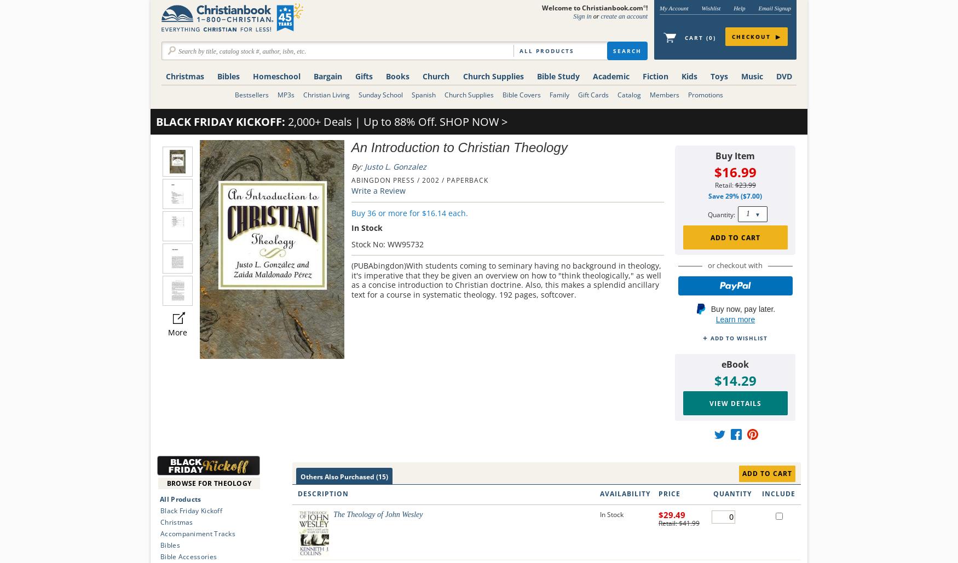 This screenshot has height=563, width=958. What do you see at coordinates (592, 76) in the screenshot?
I see `'Academic'` at bounding box center [592, 76].